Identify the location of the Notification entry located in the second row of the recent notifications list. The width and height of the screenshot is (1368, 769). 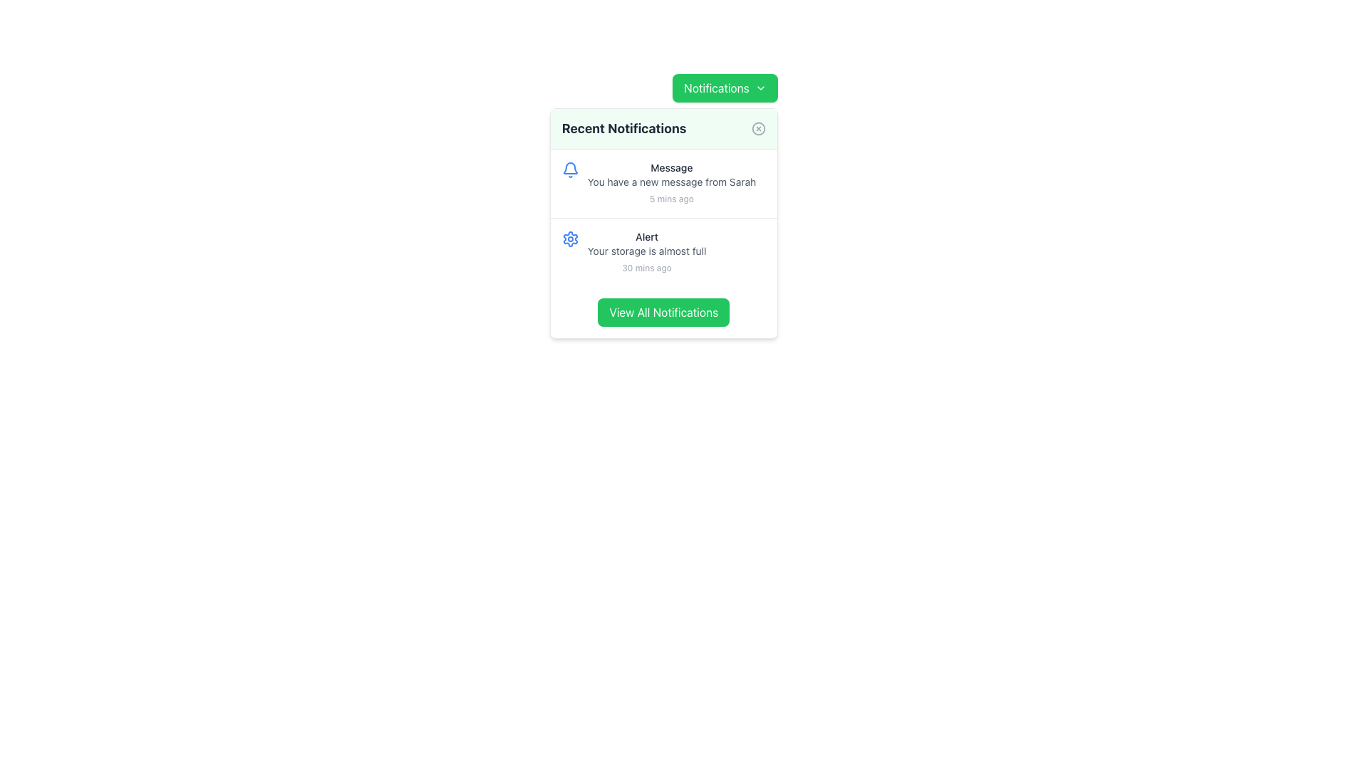
(646, 251).